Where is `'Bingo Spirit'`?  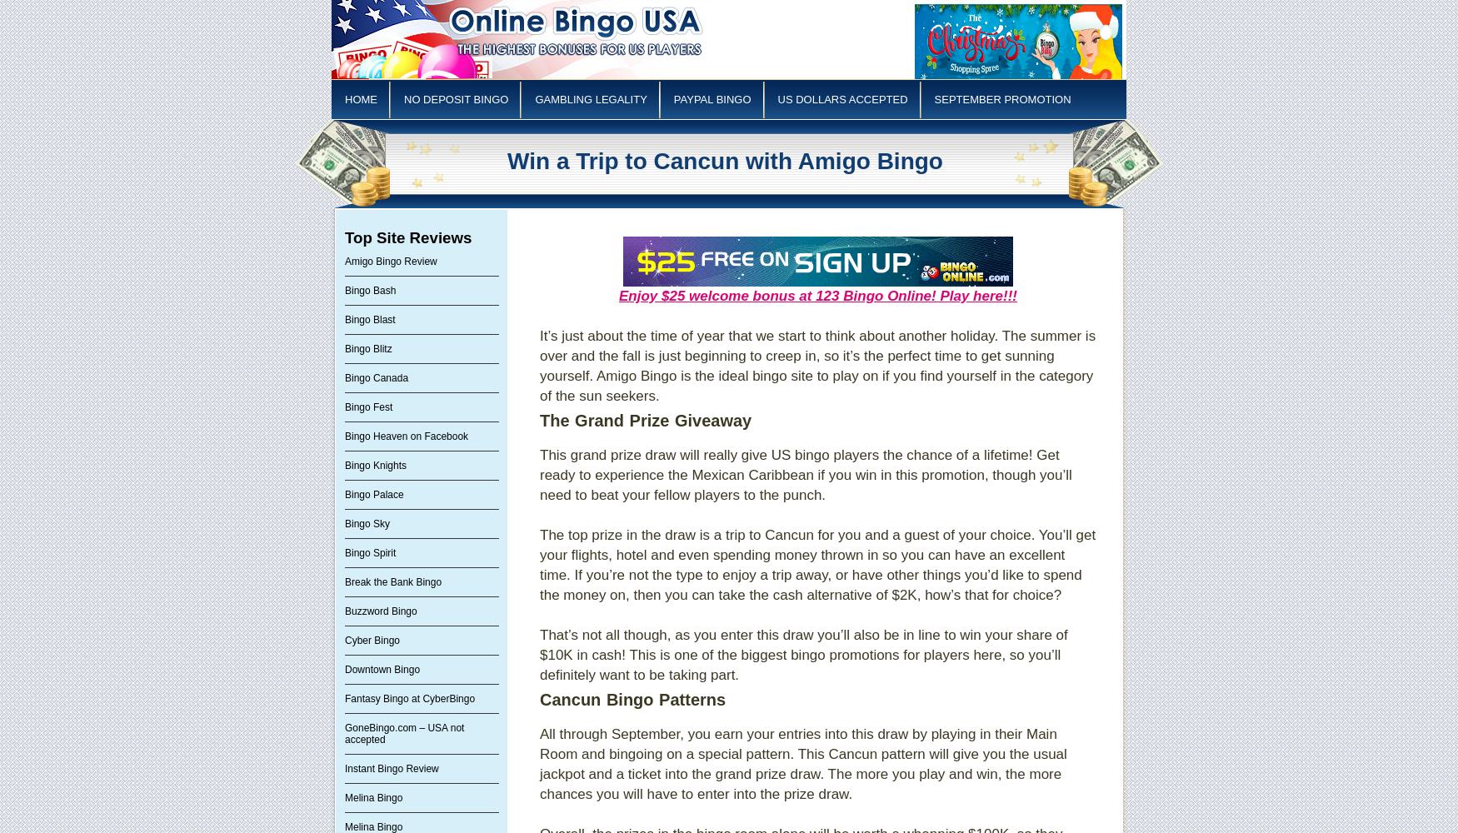 'Bingo Spirit' is located at coordinates (370, 553).